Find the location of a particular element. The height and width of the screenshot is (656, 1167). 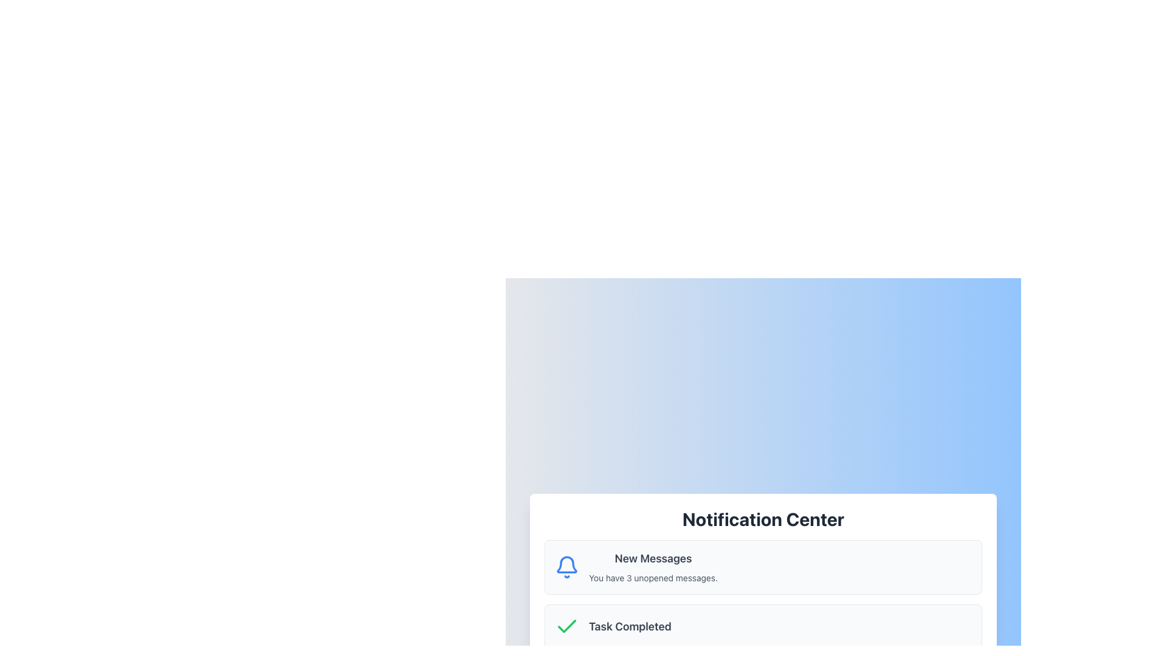

text displayed in the notification card under the 'Notification Center', which shows 'New Messages' and 'You have 3 unopened messages.' is located at coordinates (653, 567).